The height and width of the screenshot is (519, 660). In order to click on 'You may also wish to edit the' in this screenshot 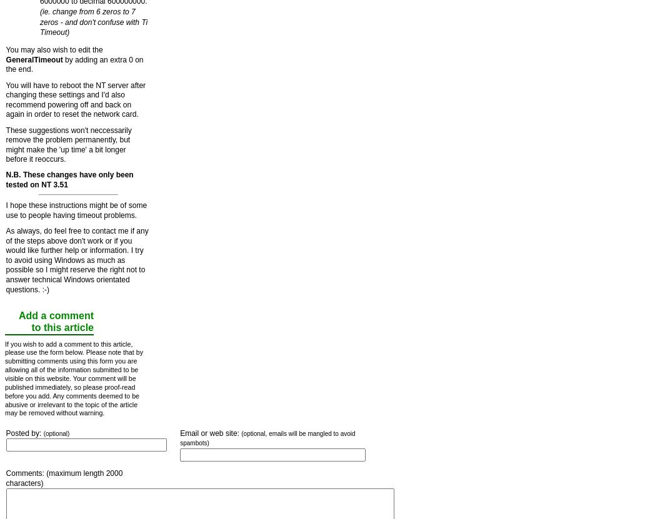, I will do `click(53, 49)`.